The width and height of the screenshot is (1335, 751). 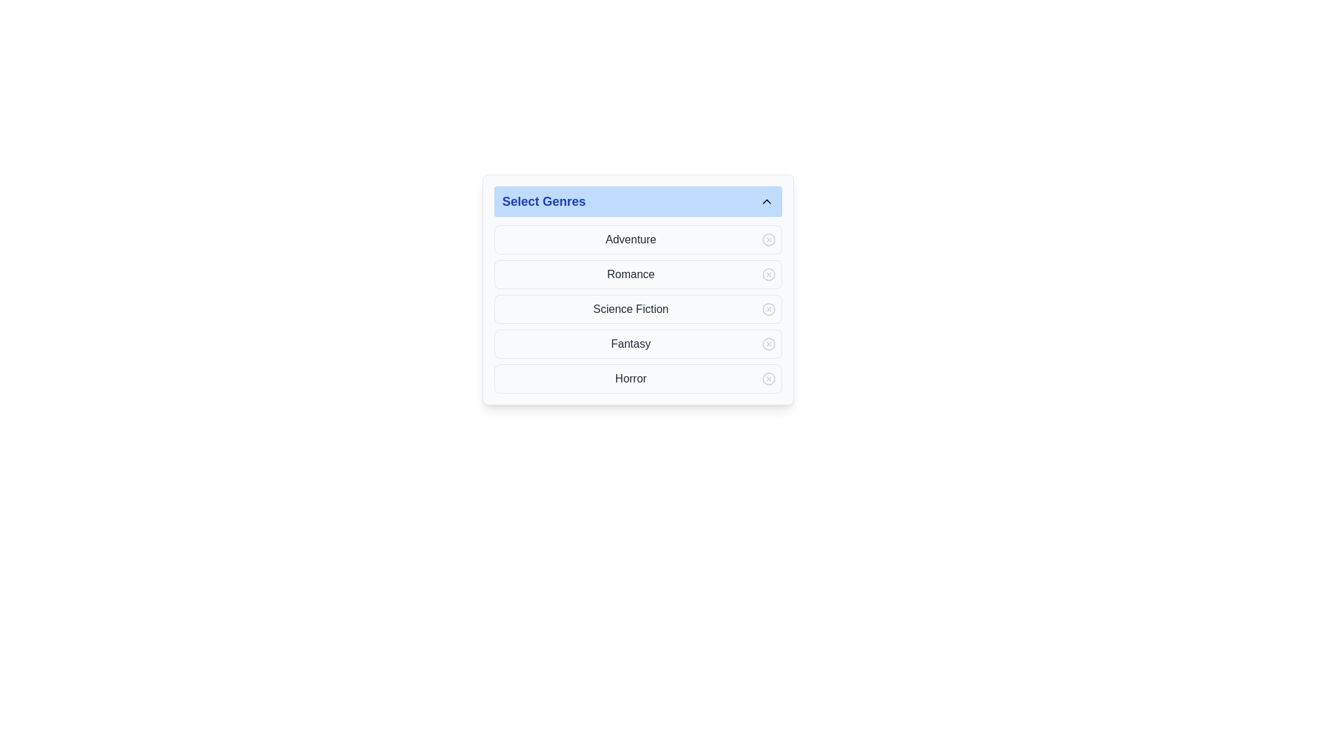 I want to click on the second list item in the 'Select Genres' panel that represents the 'Romance' genre, so click(x=637, y=274).